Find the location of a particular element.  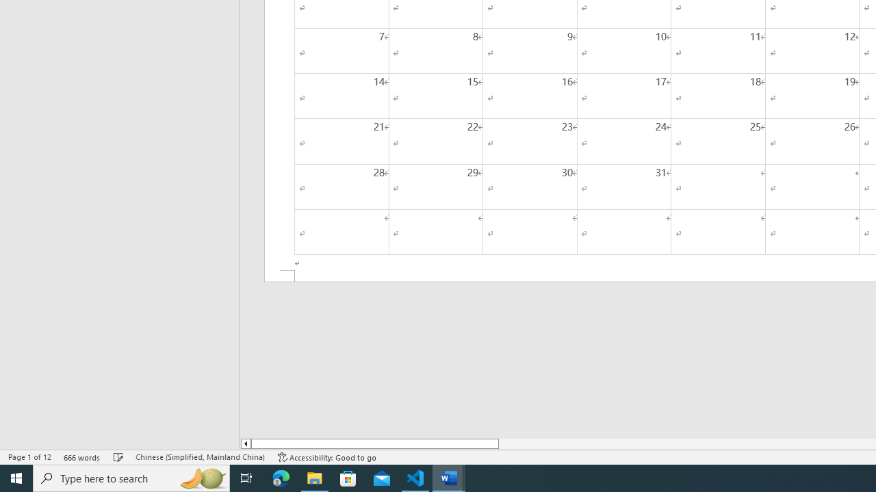

'Accessibility Checker Accessibility: Good to go' is located at coordinates (326, 457).